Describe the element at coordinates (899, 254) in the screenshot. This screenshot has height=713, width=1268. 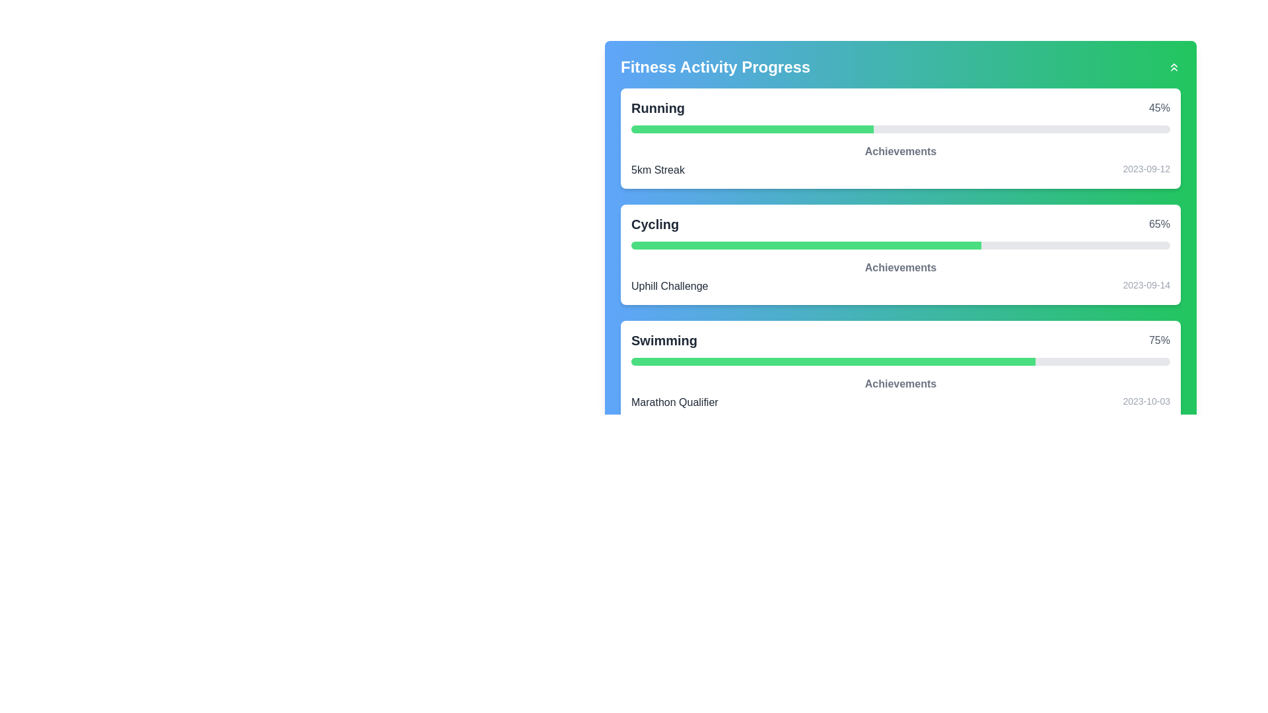
I see `the progress bar or text section of the 'Cycling' activity status overview card, which is the second card in a vertical list of activity cards` at that location.